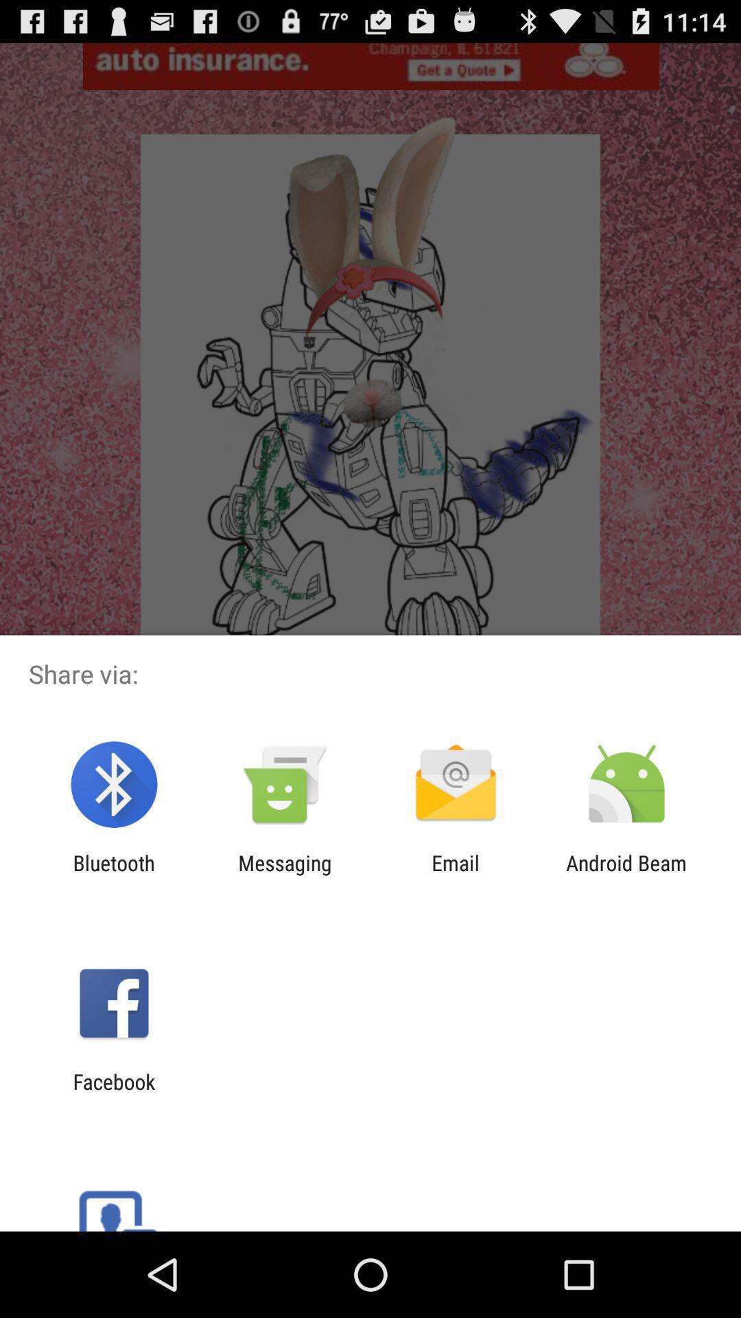  What do you see at coordinates (456, 875) in the screenshot?
I see `email item` at bounding box center [456, 875].